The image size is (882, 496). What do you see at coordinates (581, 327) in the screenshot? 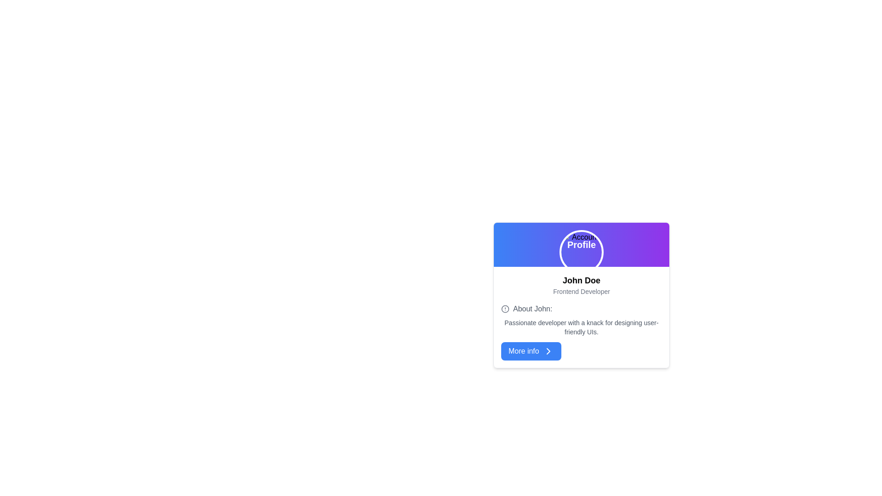
I see `the text label reading 'Passionate developer with a knack for designing user-friendly UIs.' positioned below the header 'About John:' within the profile card to focus on it` at bounding box center [581, 327].